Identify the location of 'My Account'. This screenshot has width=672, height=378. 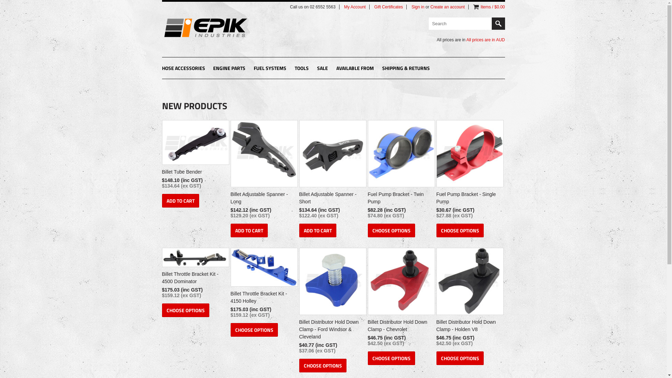
(355, 7).